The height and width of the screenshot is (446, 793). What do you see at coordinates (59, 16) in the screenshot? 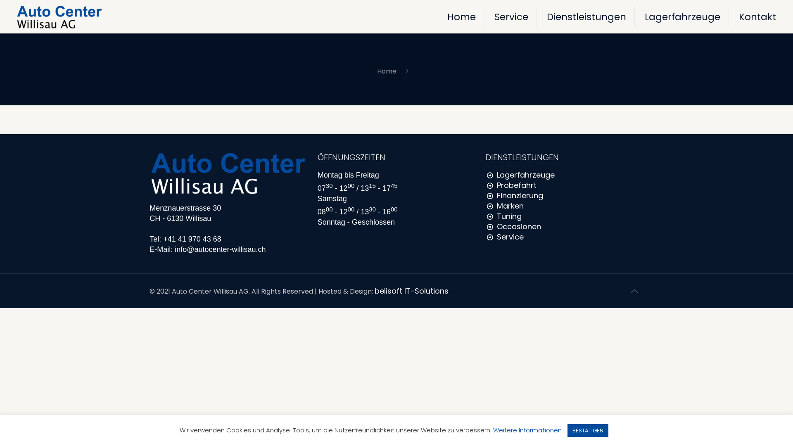
I see `'Autocenter Willisau'` at bounding box center [59, 16].